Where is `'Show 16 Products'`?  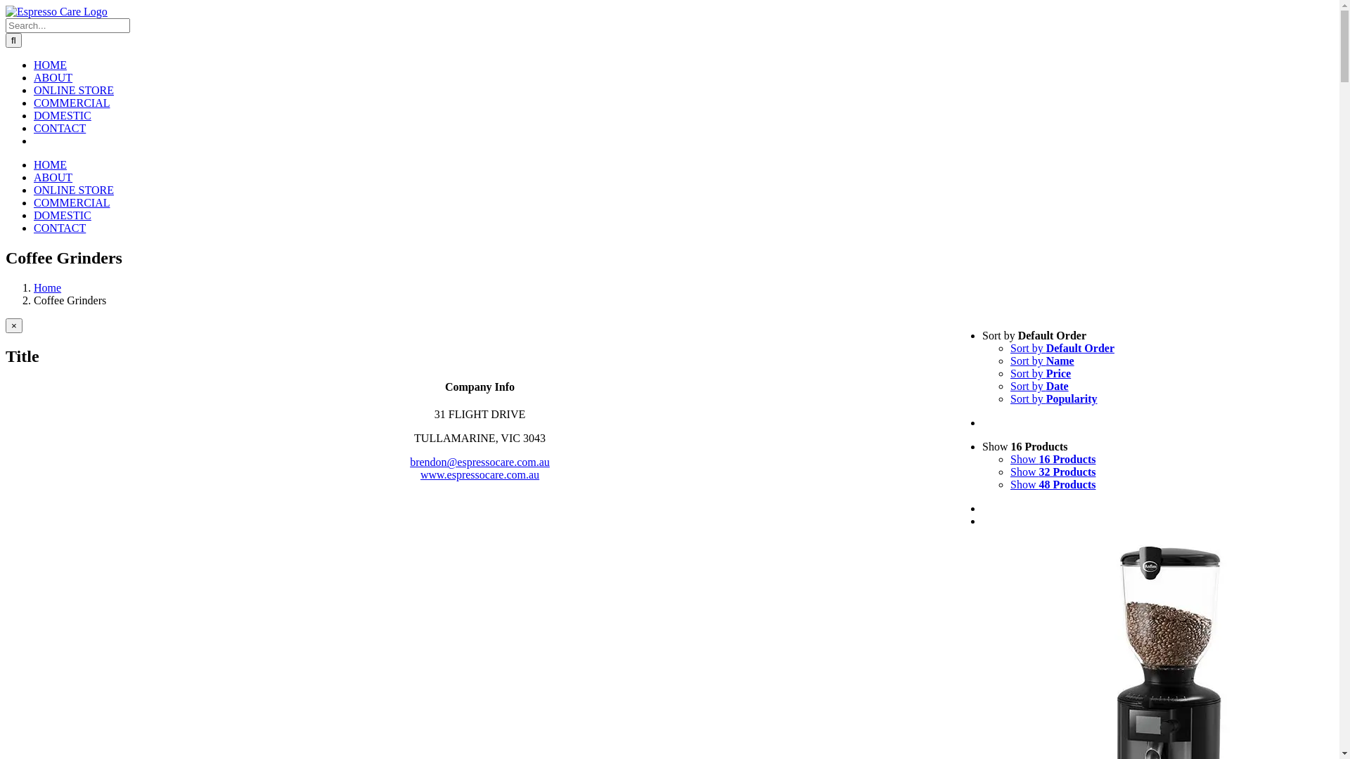 'Show 16 Products' is located at coordinates (1025, 446).